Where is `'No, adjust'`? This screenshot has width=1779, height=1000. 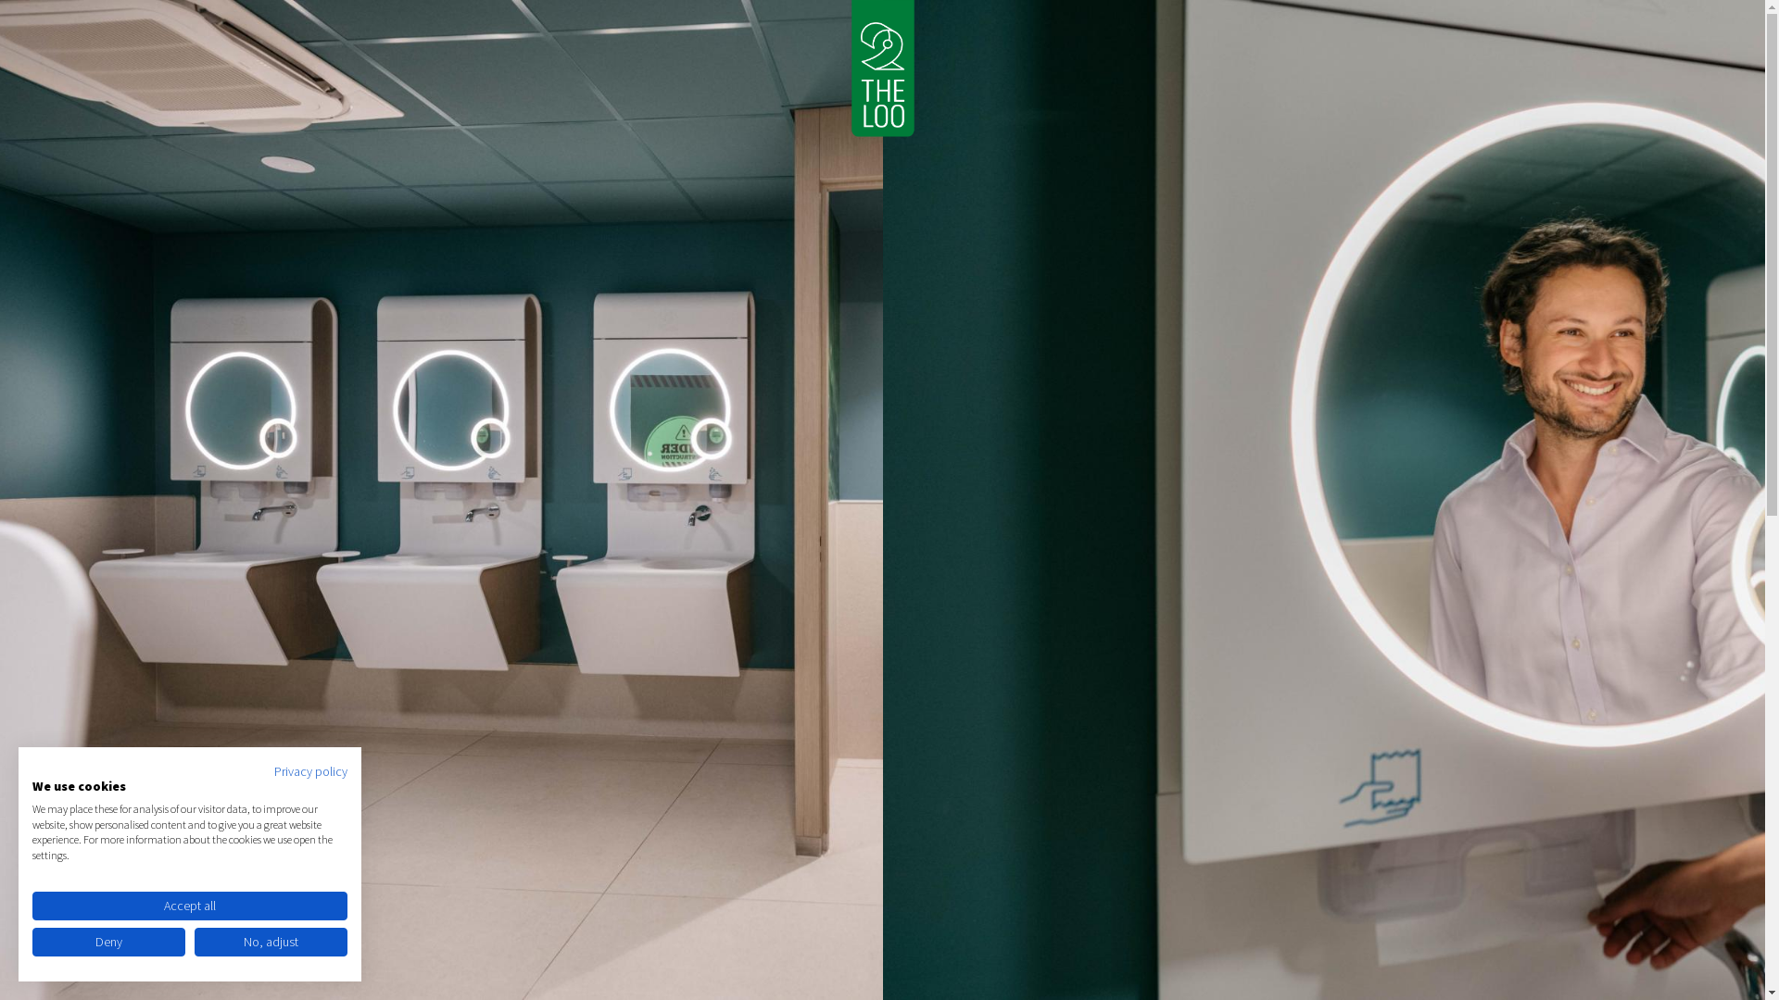
'No, adjust' is located at coordinates (270, 942).